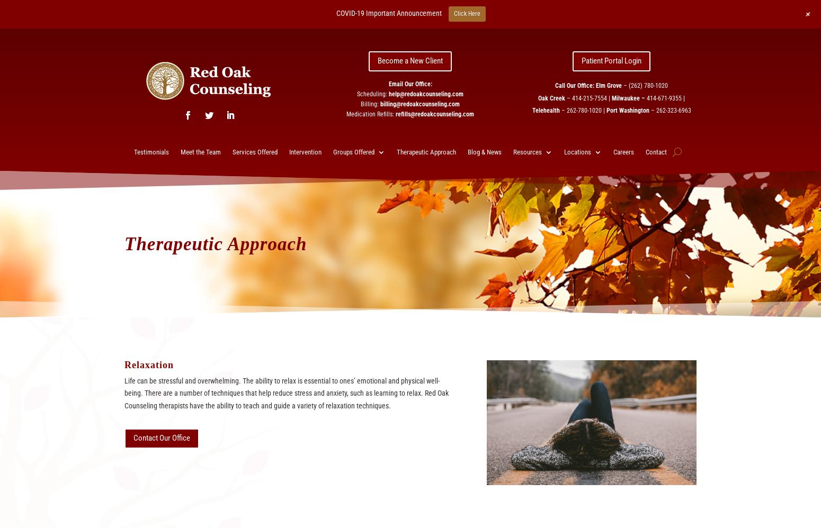 This screenshot has height=529, width=821. I want to click on 'Addiction Support and Education for Family and Friends', so click(507, 196).